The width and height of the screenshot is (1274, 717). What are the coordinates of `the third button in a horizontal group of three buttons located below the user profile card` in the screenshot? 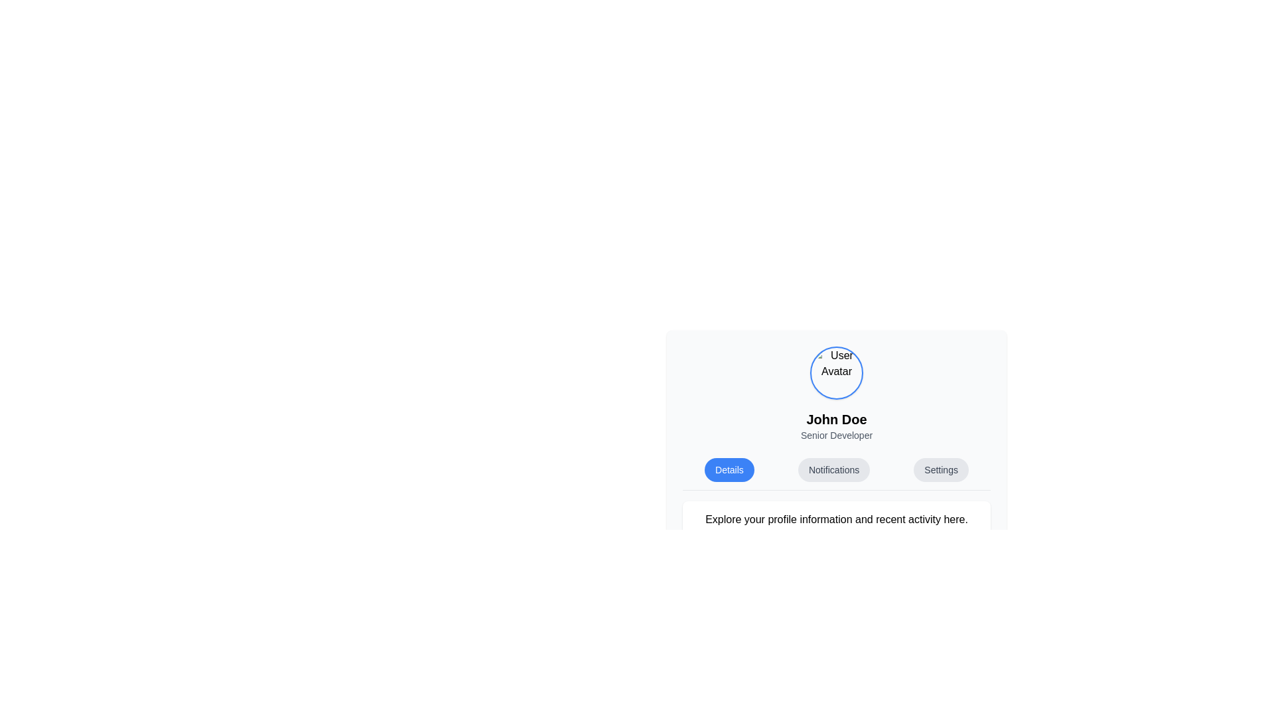 It's located at (940, 469).